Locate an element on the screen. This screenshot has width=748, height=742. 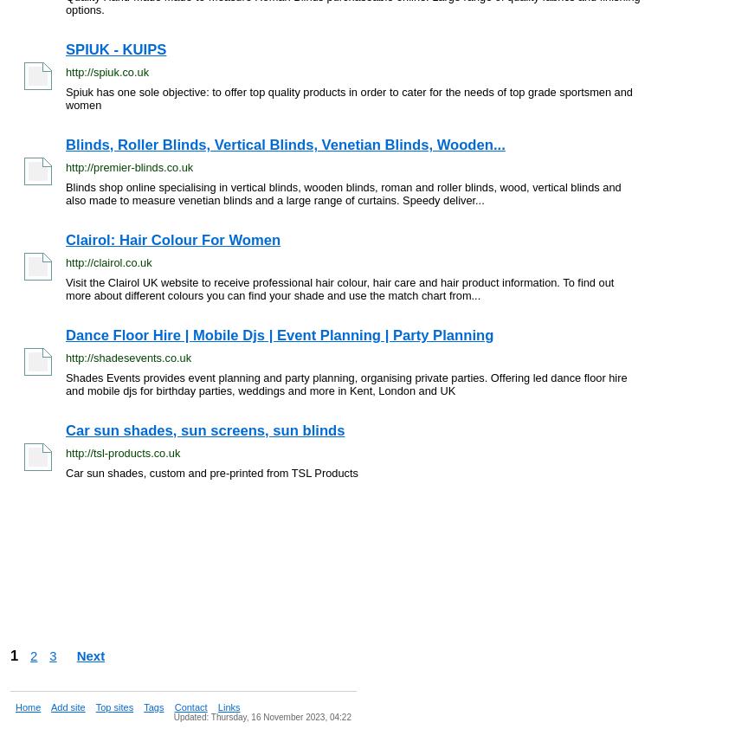
'Top sites' is located at coordinates (93, 707).